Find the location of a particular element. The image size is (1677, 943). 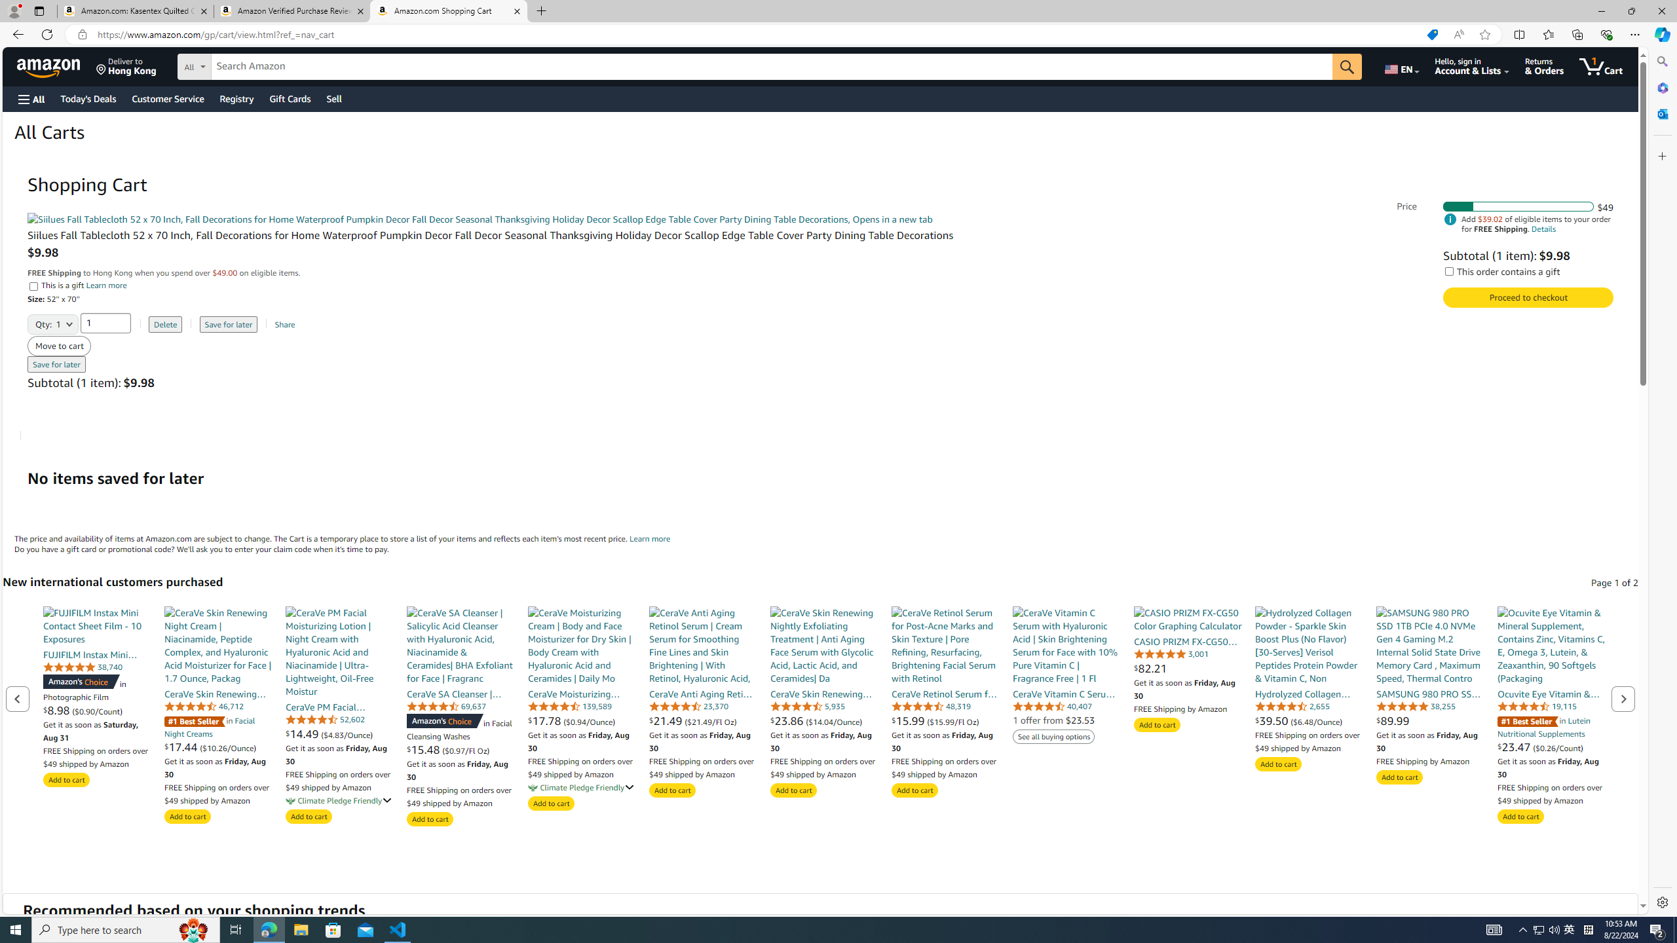

'Search in' is located at coordinates (242, 65).